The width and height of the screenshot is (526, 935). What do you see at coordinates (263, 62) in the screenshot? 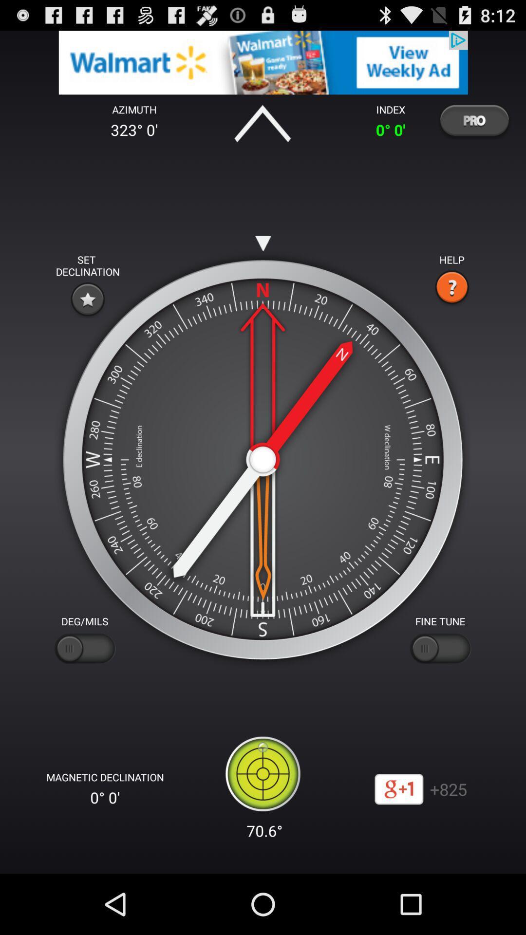
I see `open advertisement` at bounding box center [263, 62].